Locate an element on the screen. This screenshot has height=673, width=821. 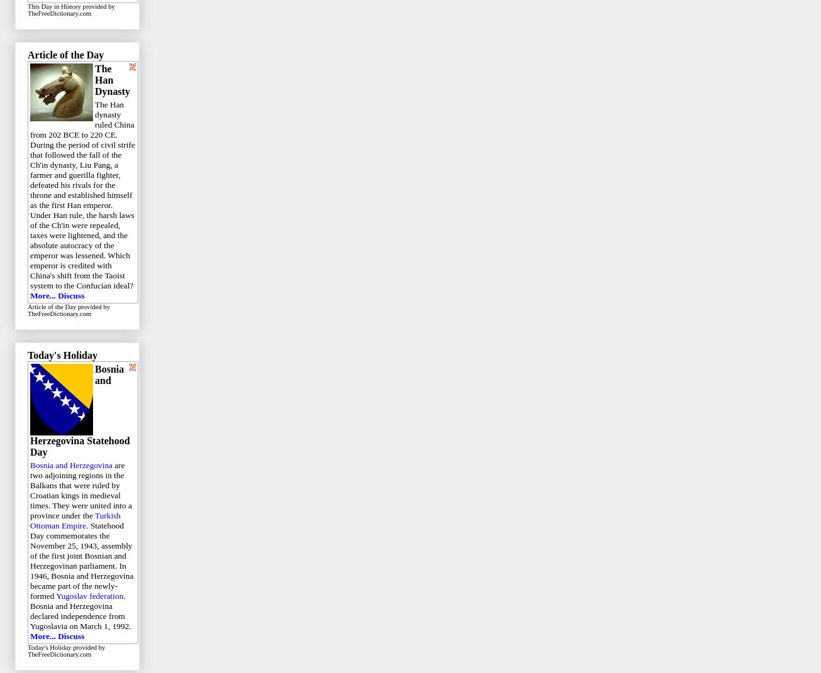
'Bosnia and Herzegovina' is located at coordinates (70, 465).